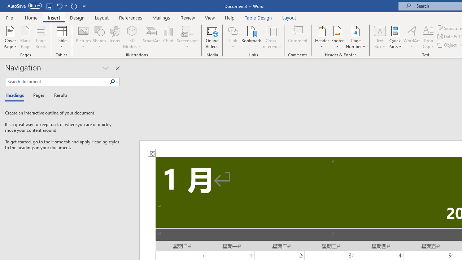 The width and height of the screenshot is (462, 260). Describe the element at coordinates (83, 37) in the screenshot. I see `'Pictures'` at that location.